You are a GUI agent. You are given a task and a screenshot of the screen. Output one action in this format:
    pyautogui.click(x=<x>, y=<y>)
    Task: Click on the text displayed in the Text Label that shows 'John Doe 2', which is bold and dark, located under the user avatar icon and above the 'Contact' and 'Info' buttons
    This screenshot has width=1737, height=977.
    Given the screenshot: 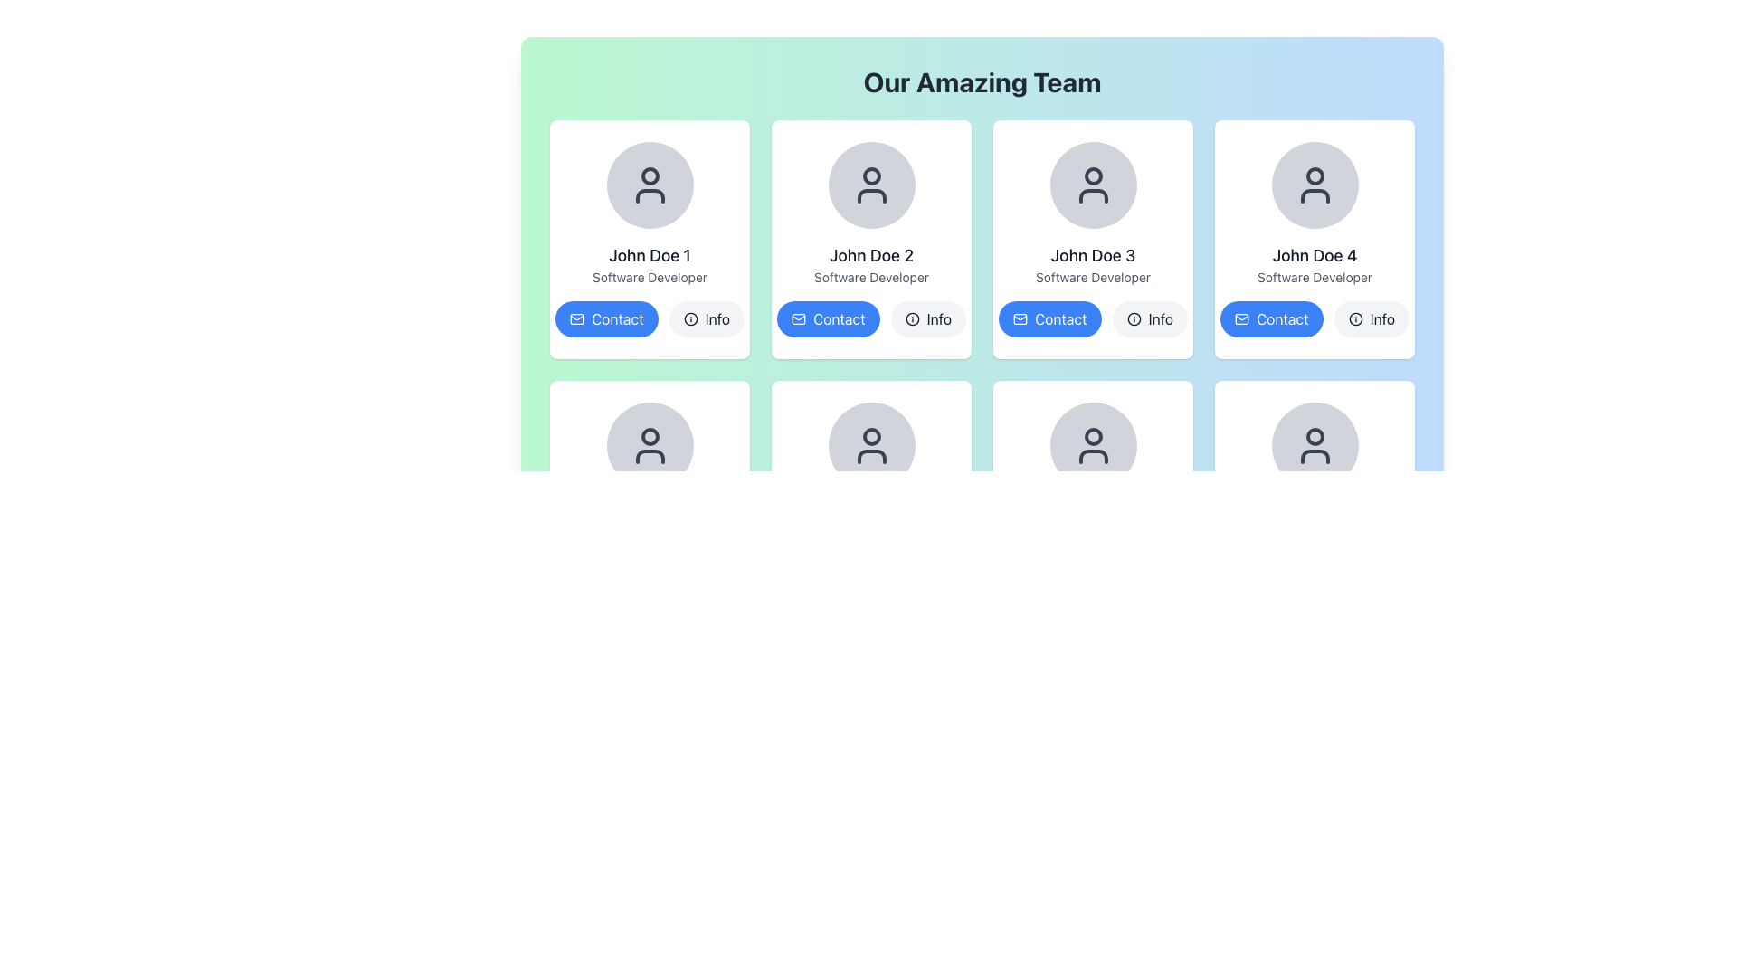 What is the action you would take?
    pyautogui.click(x=871, y=255)
    